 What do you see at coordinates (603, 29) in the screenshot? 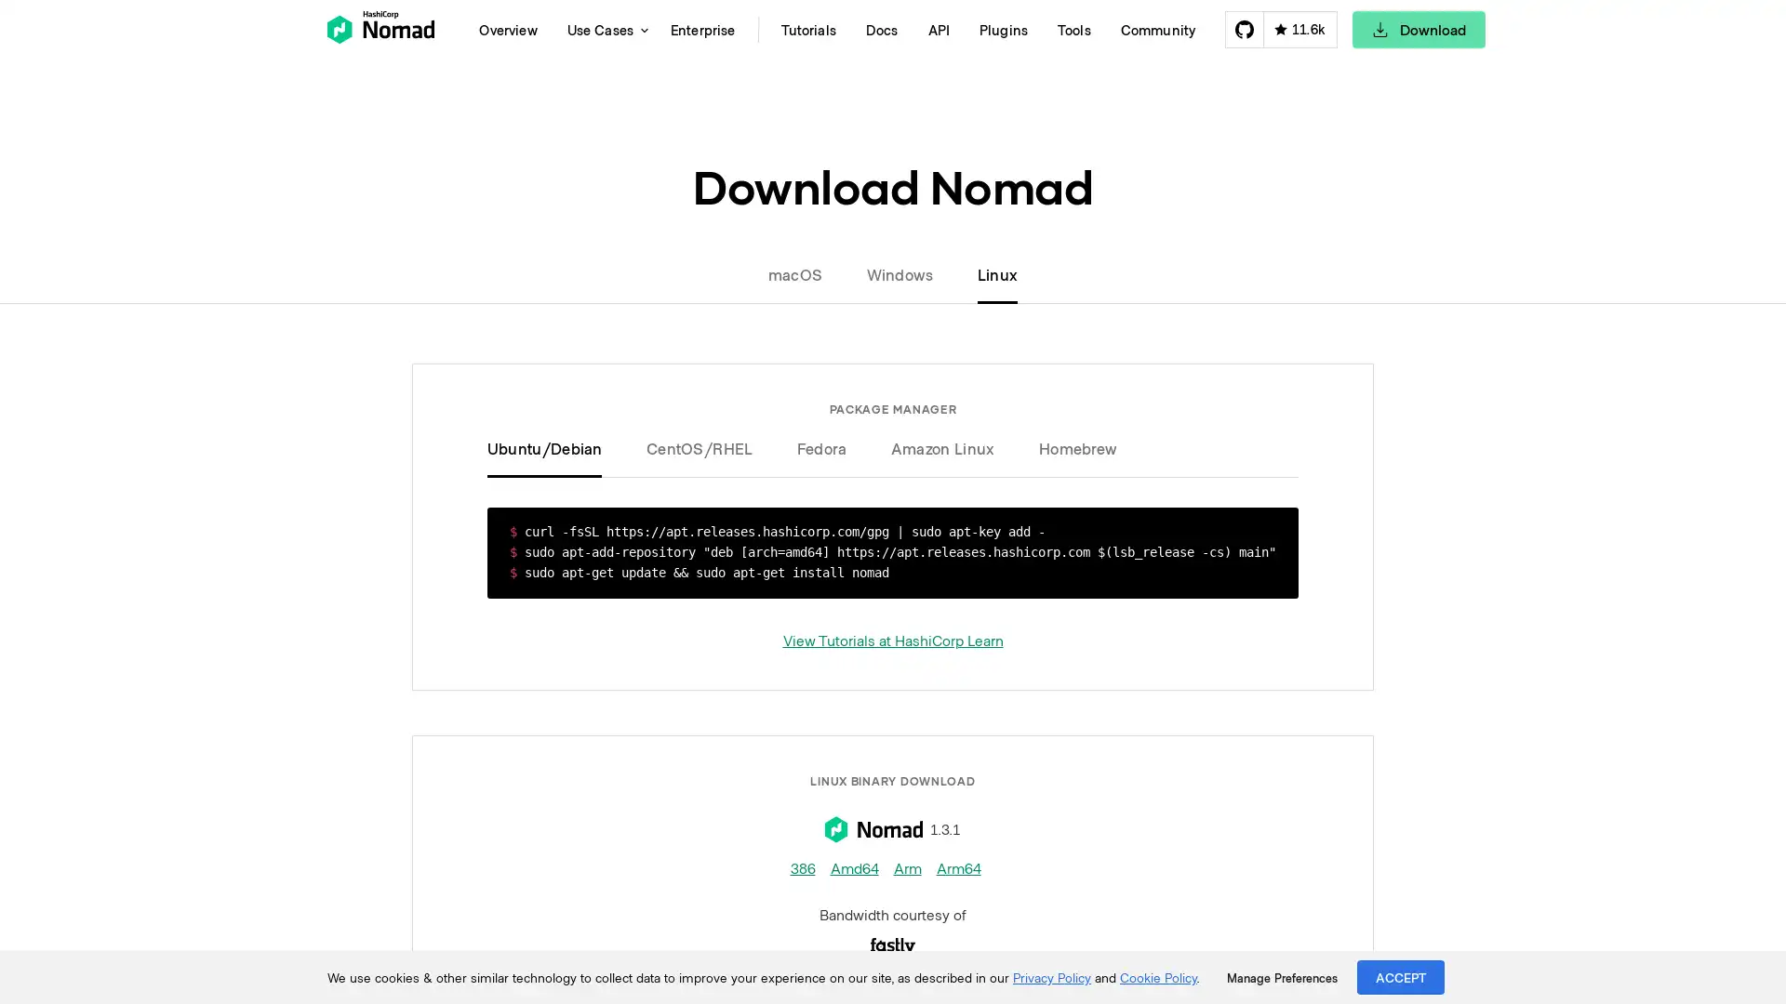
I see `Use Cases` at bounding box center [603, 29].